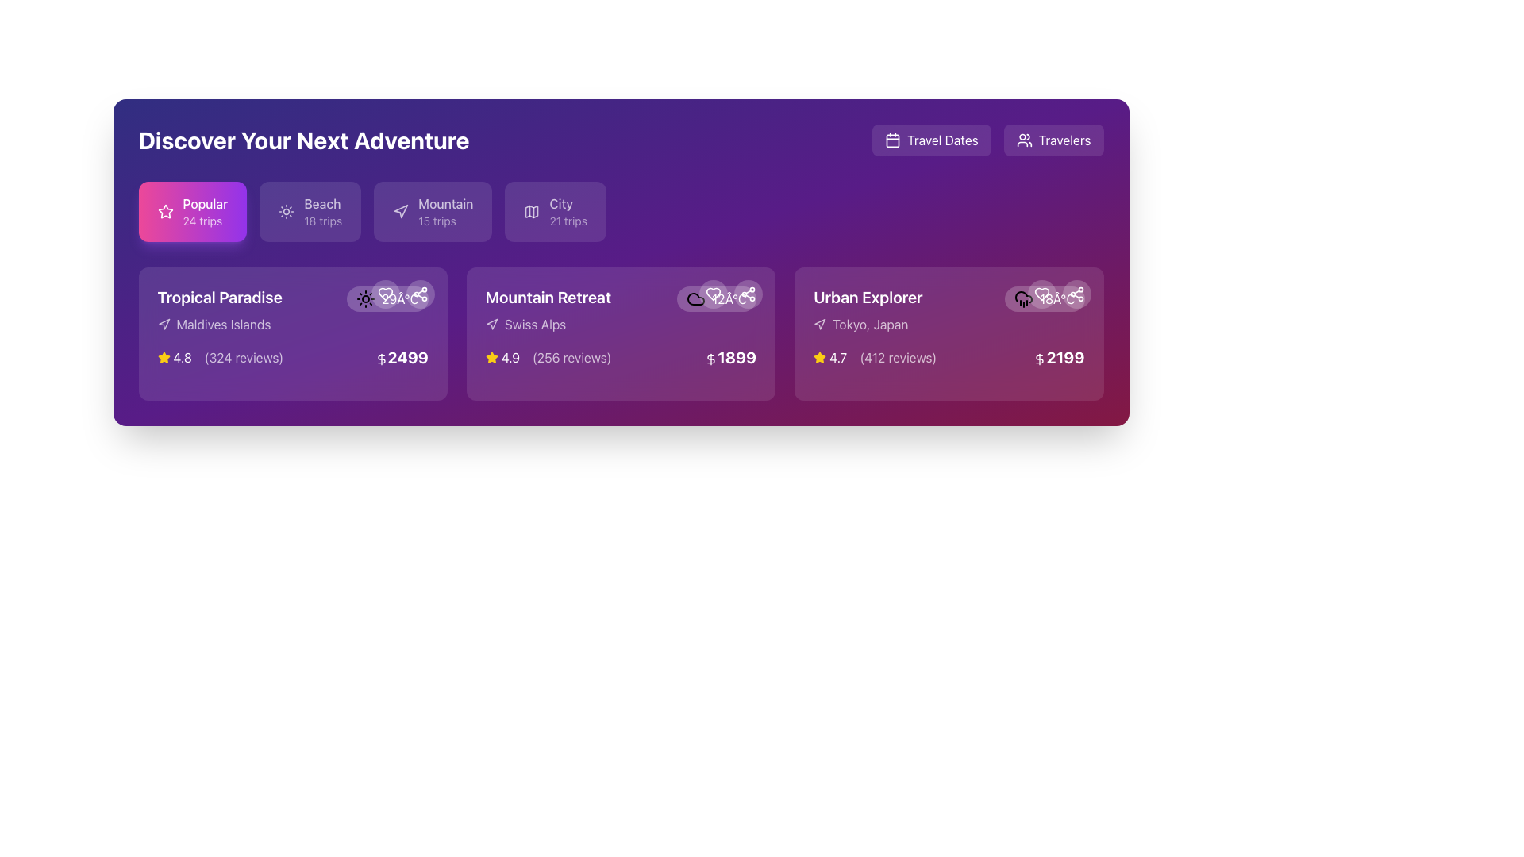  I want to click on the 'Travel Dates' button which contains white text on a purple background and is located at the top-right area of the interface, so click(942, 140).